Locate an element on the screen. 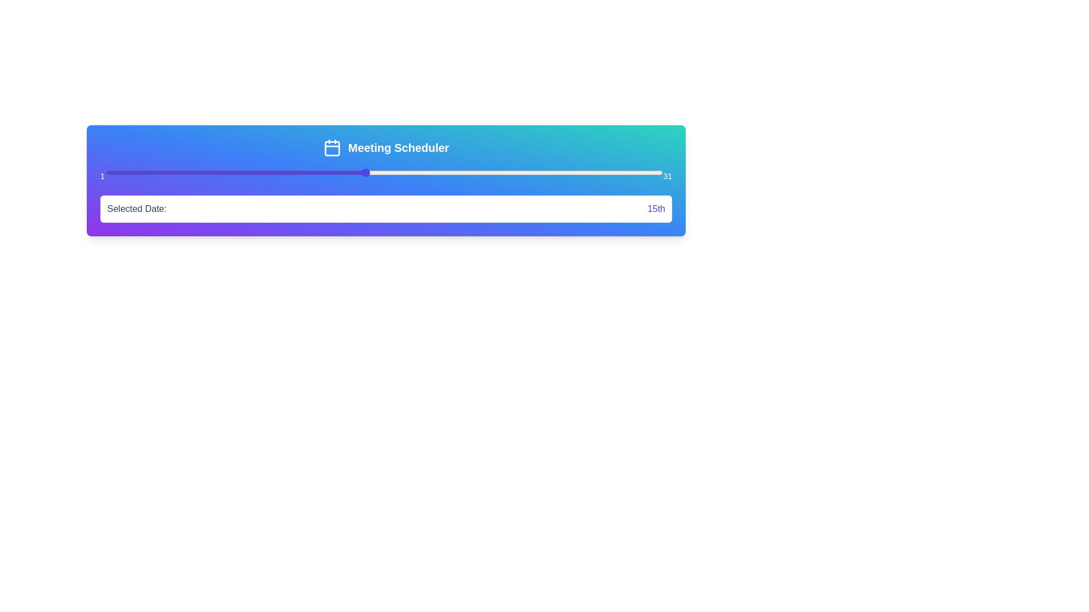  the decorative shape located in the top-left corner of the calendar icon in the Meeting Scheduler header bar is located at coordinates (332, 148).